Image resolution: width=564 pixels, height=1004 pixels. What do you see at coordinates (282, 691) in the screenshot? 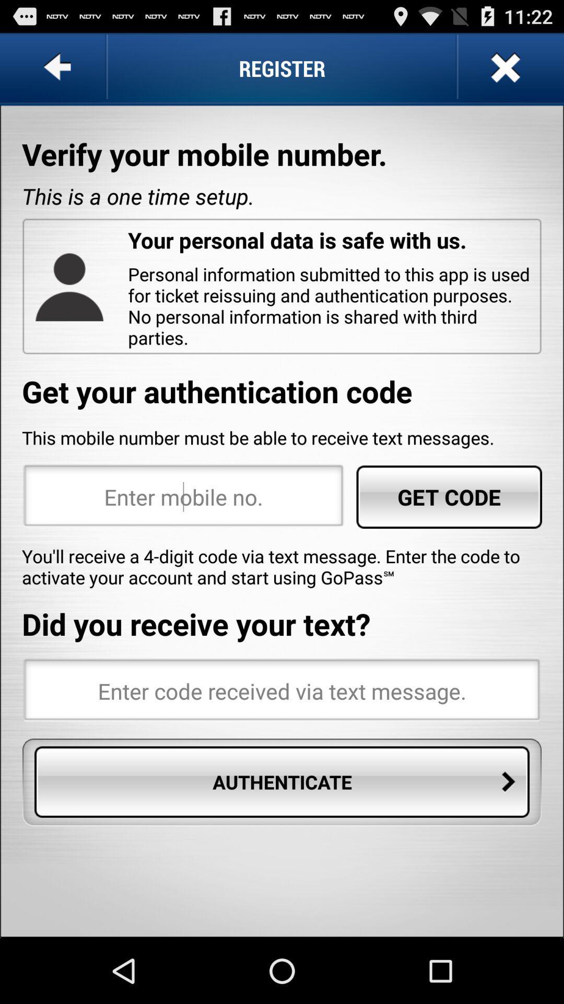
I see `the code` at bounding box center [282, 691].